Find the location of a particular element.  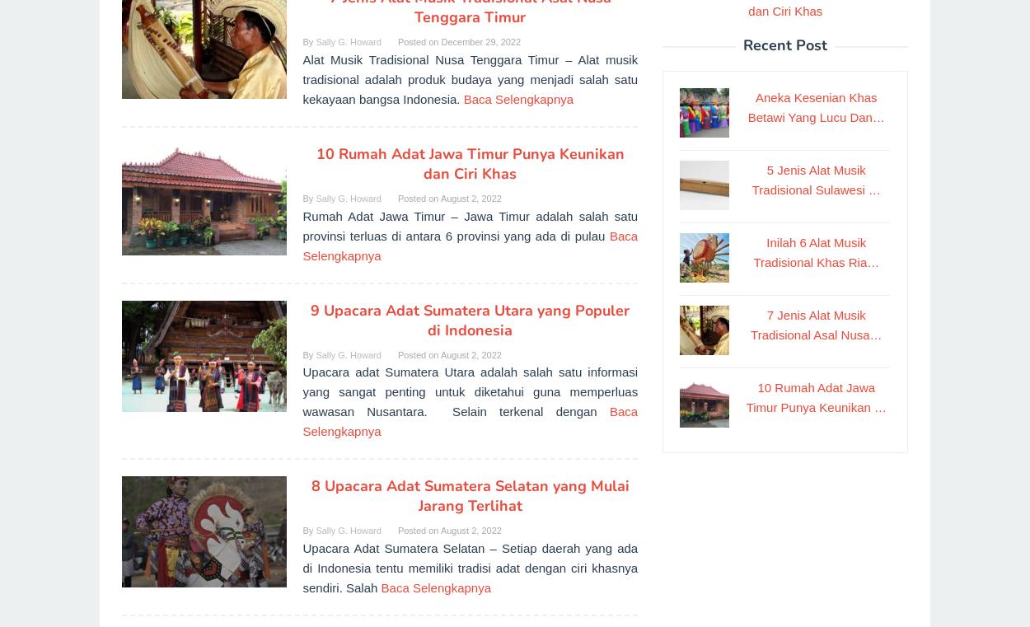

'5 Jenis Alat Musik Tradisional Sulawesi …' is located at coordinates (751, 179).